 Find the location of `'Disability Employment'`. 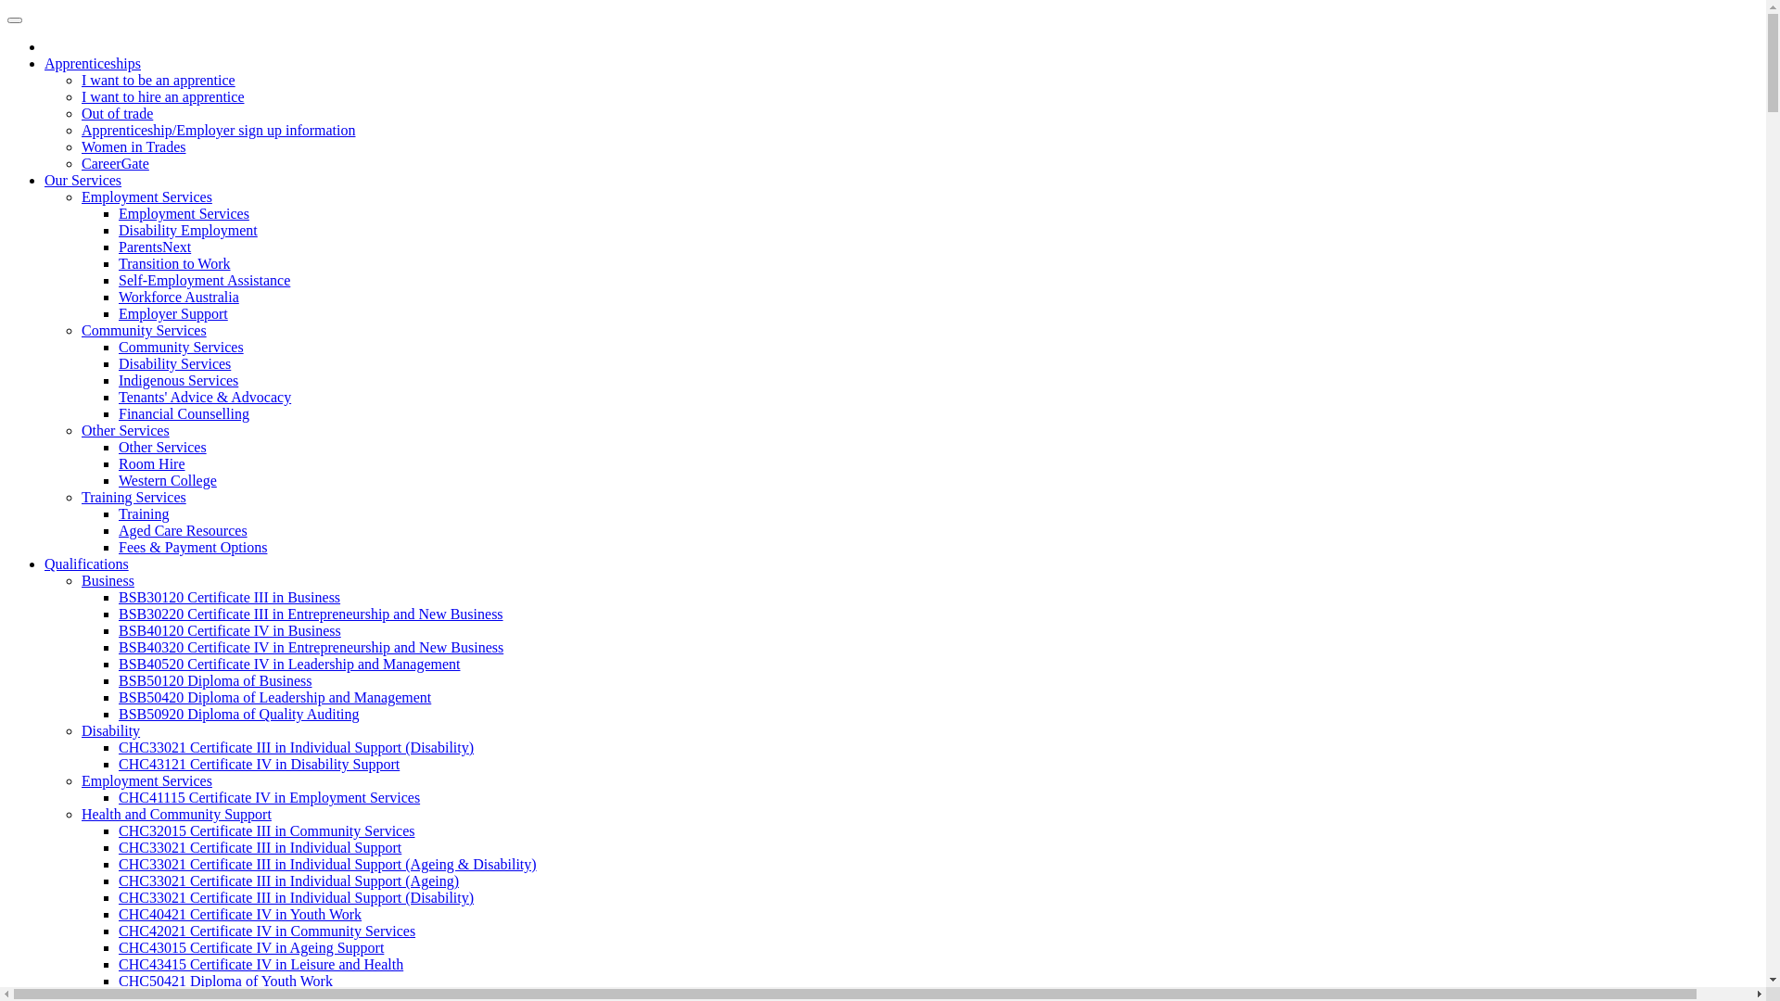

'Disability Employment' is located at coordinates (118, 229).